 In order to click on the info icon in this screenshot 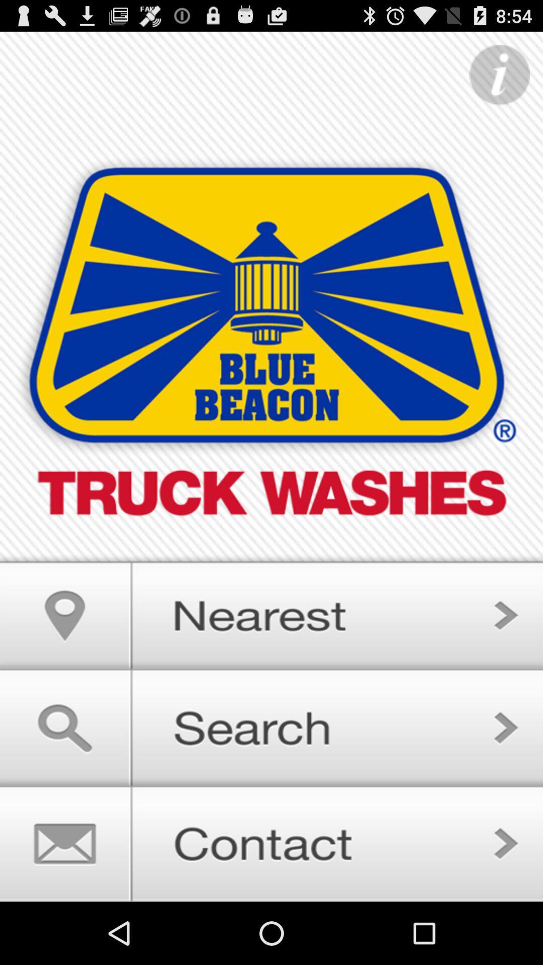, I will do `click(499, 80)`.